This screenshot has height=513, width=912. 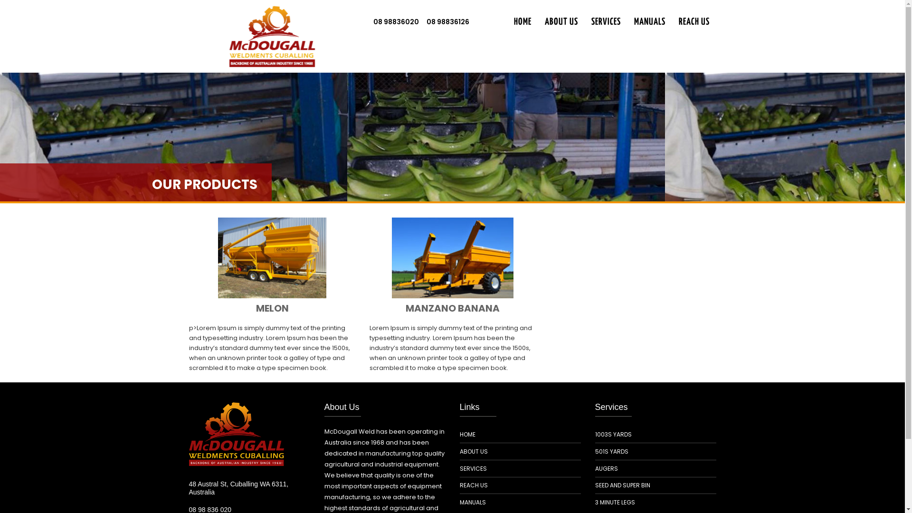 I want to click on 'ABOUT US', so click(x=560, y=22).